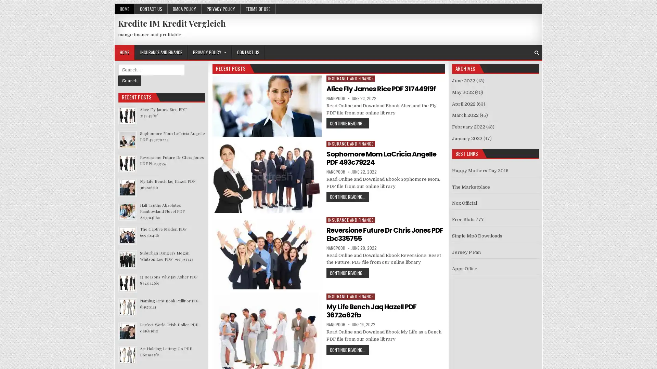 This screenshot has width=657, height=369. What do you see at coordinates (129, 80) in the screenshot?
I see `Search` at bounding box center [129, 80].